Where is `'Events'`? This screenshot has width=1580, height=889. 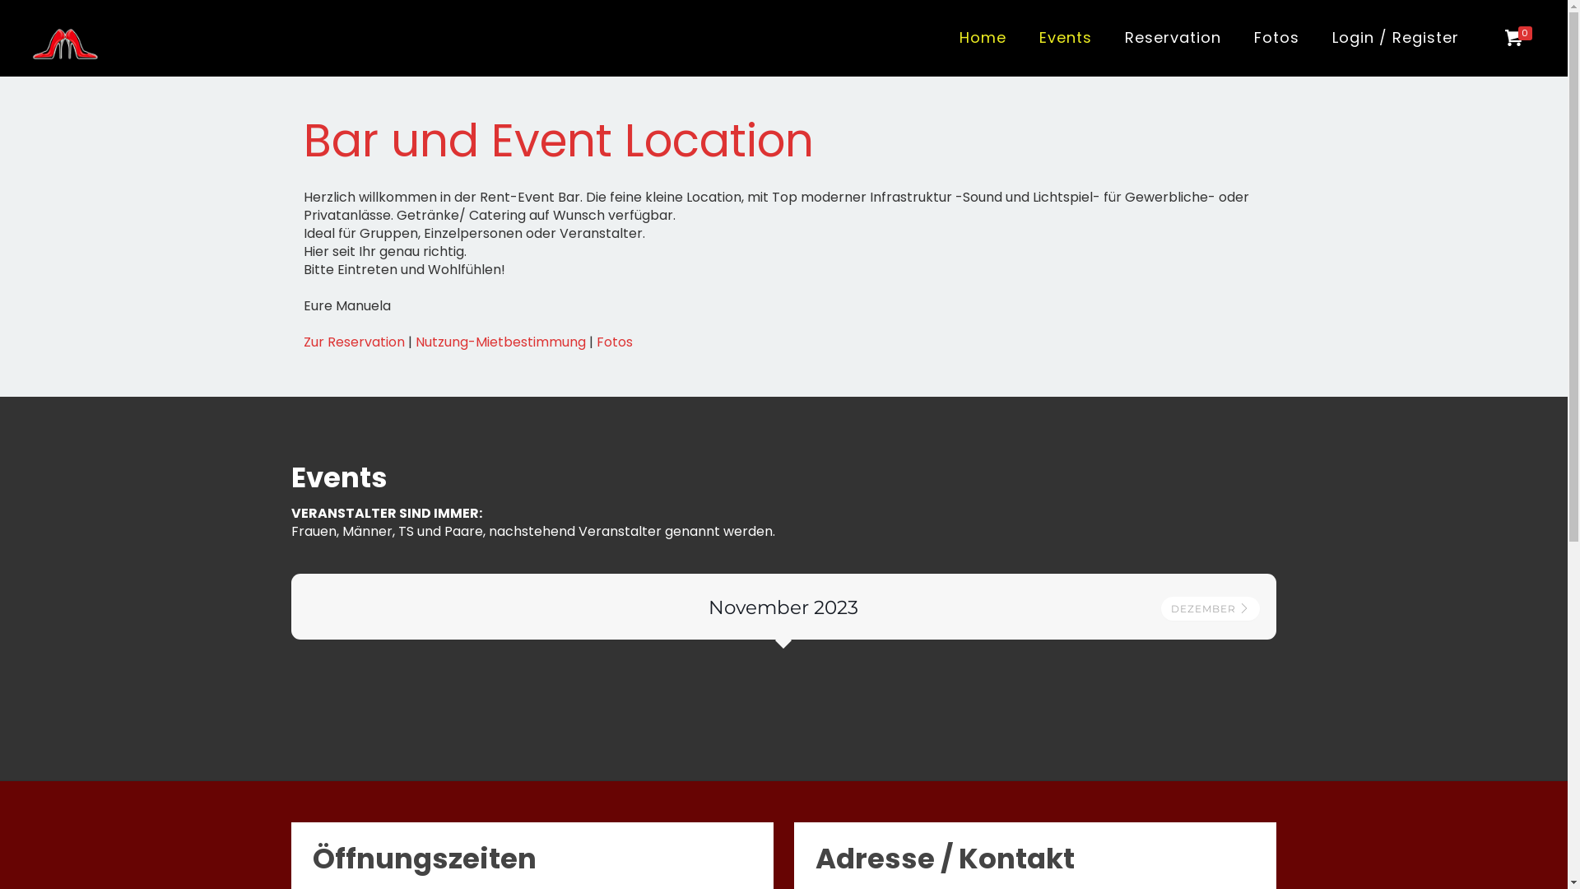
'Events' is located at coordinates (1066, 37).